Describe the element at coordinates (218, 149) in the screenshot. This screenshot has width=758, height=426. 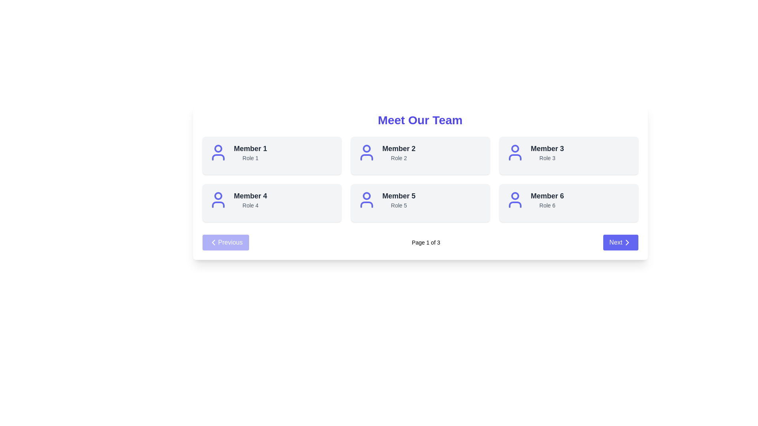
I see `the decorative Circle shape (SVG graphic) located at the upper center of the user icon near the 'Member 1' label` at that location.